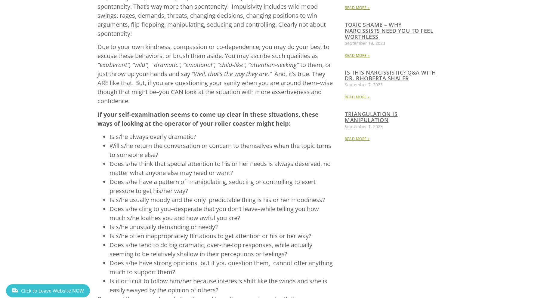 This screenshot has width=556, height=298. I want to click on 'Is s/he often inappropriately flirtatious to get attention or his or her way?', so click(210, 235).